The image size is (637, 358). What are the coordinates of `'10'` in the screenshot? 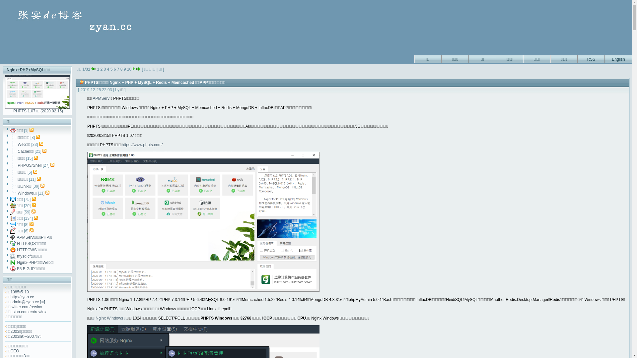 It's located at (129, 69).